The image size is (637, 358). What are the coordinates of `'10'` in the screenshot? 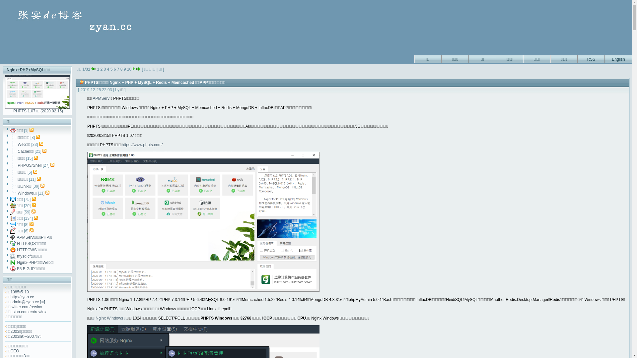 It's located at (129, 69).